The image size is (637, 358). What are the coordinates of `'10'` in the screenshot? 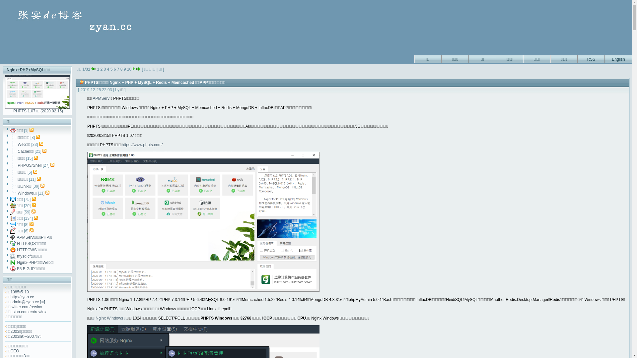 It's located at (129, 69).